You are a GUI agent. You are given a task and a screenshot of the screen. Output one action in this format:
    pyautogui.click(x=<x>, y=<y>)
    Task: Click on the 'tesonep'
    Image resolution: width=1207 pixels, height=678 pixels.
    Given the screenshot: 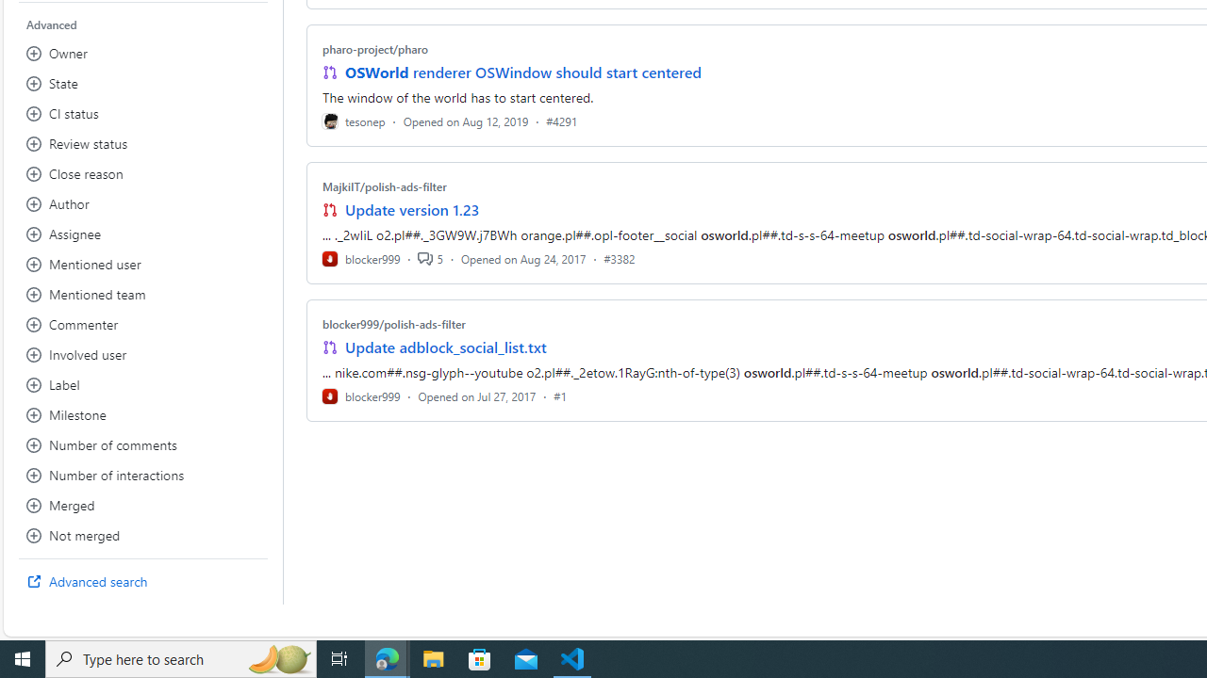 What is the action you would take?
    pyautogui.click(x=354, y=121)
    